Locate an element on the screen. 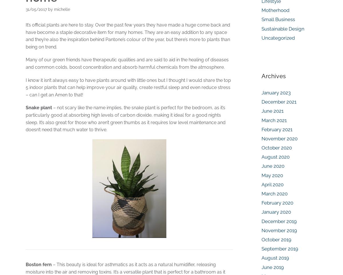  'January 2020' is located at coordinates (262, 211).